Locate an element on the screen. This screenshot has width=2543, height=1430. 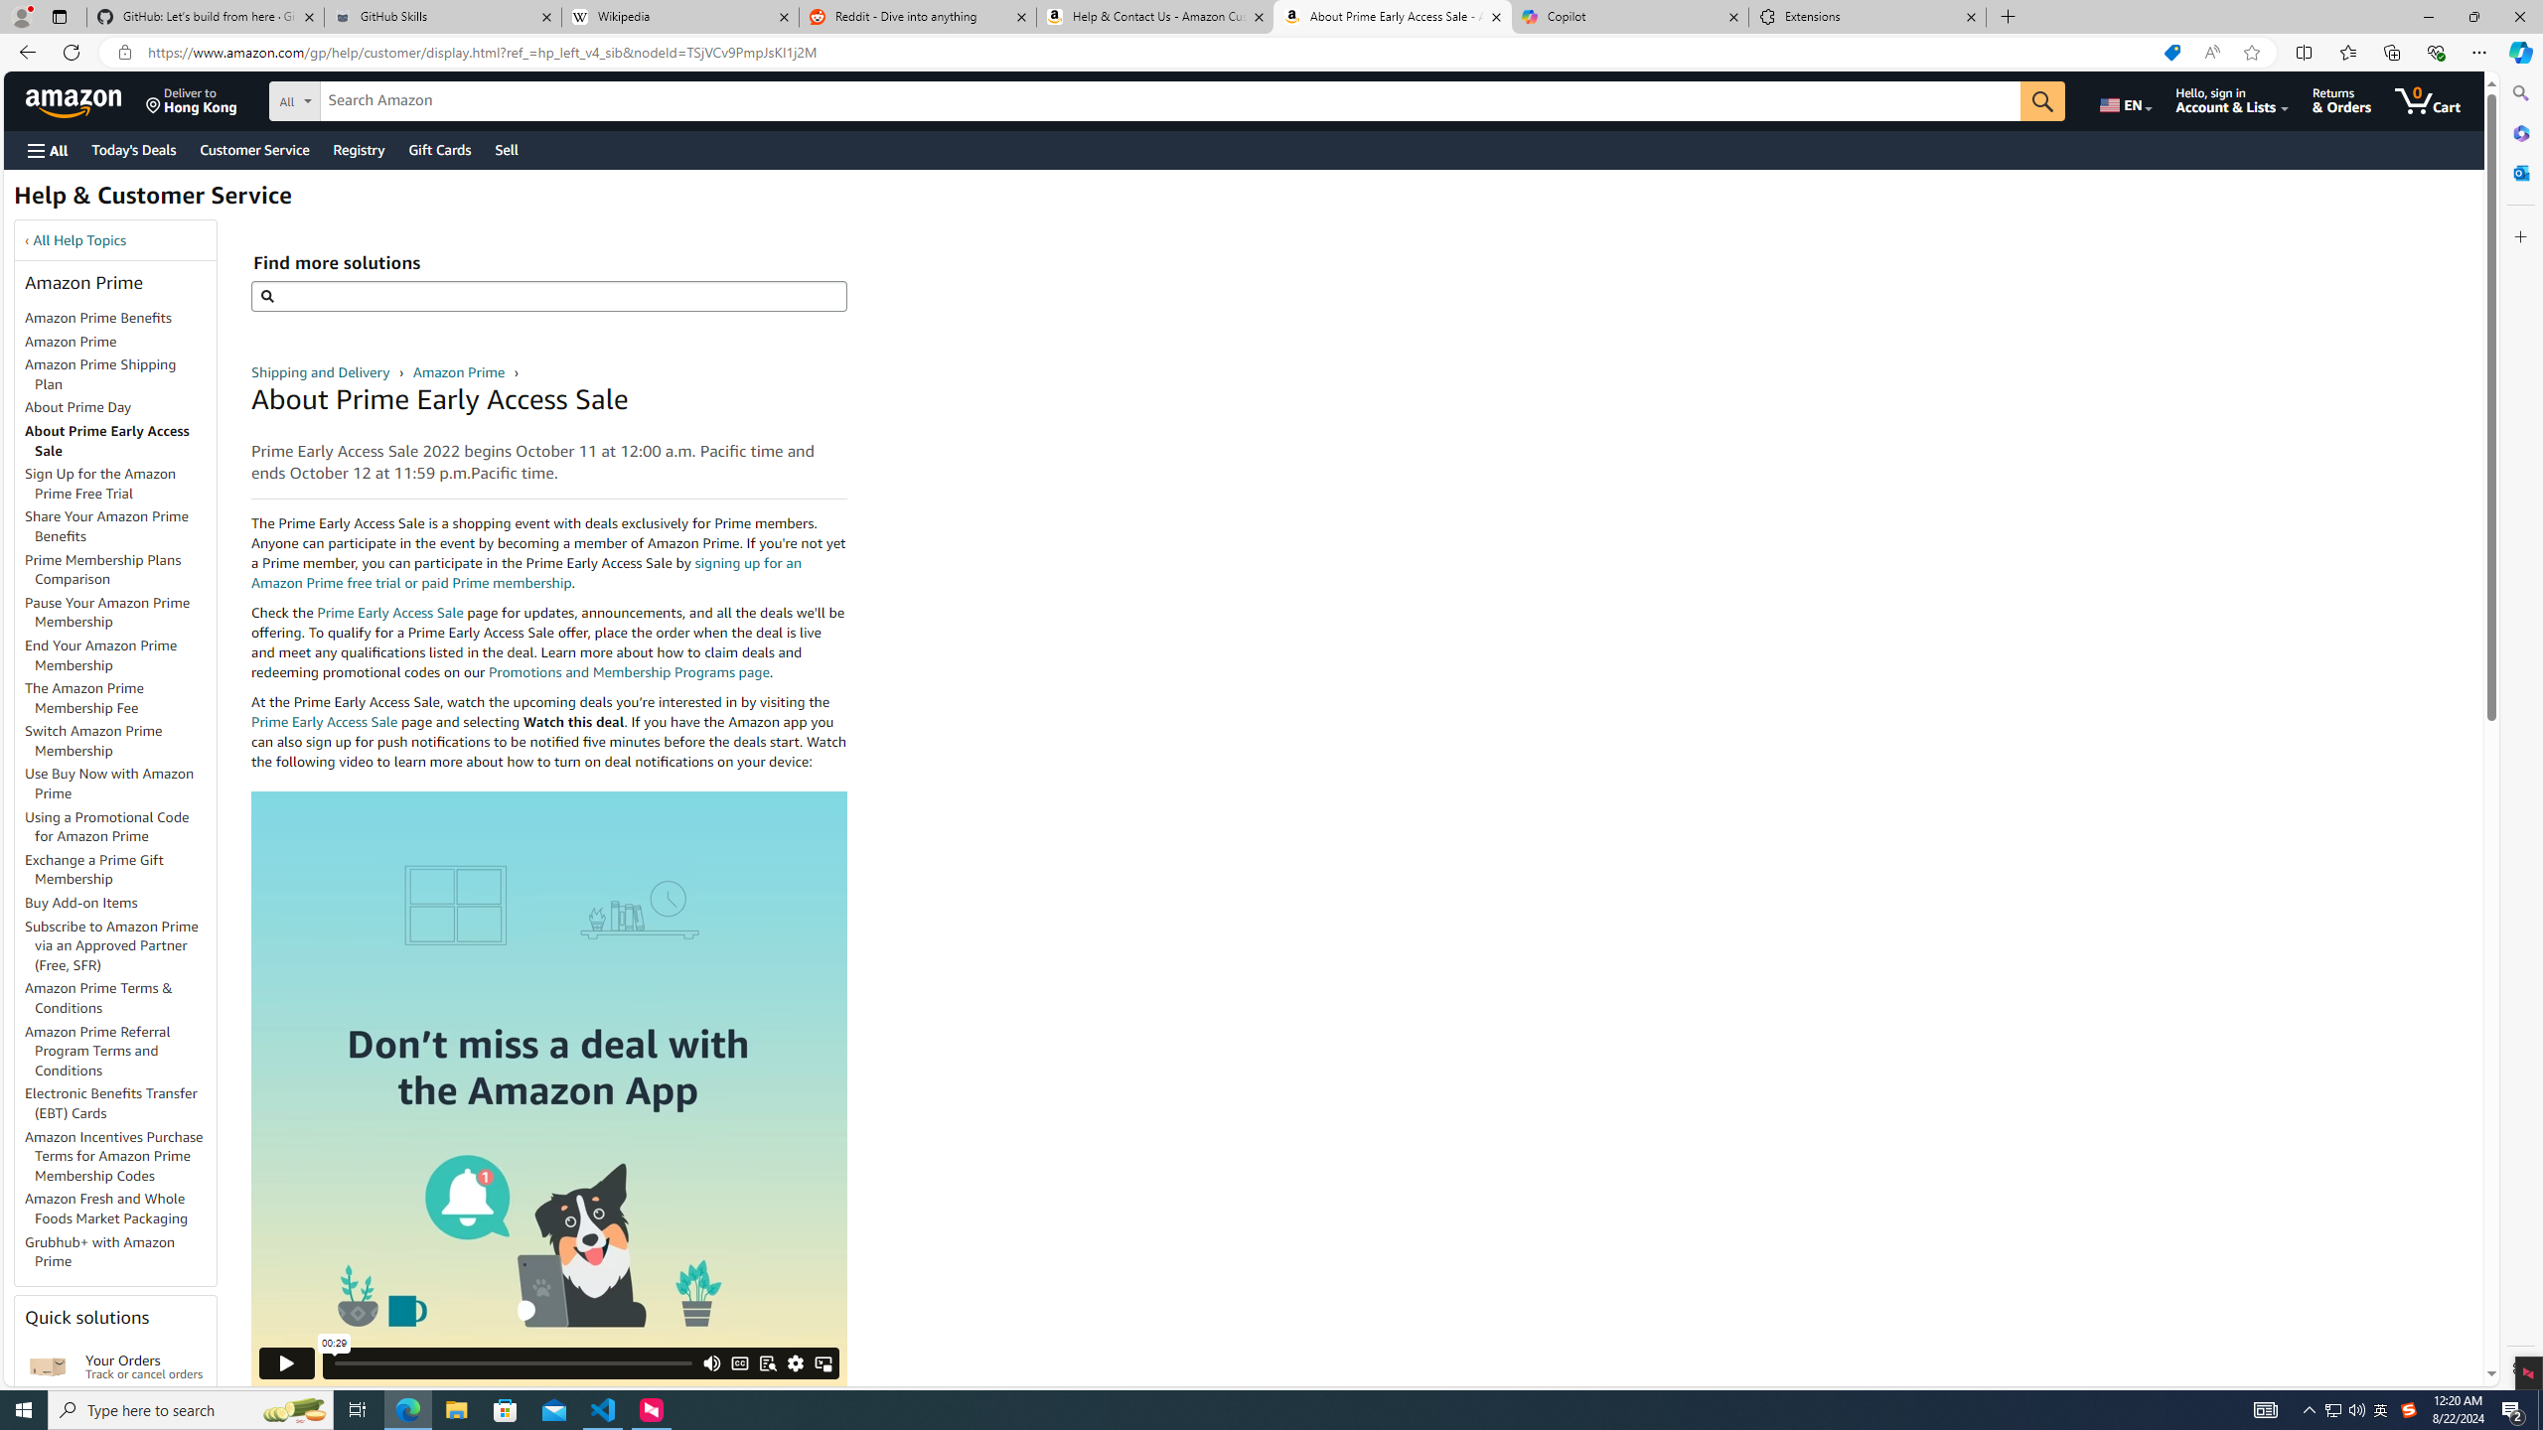
'The Amazon Prime Membership Fee' is located at coordinates (84, 696).